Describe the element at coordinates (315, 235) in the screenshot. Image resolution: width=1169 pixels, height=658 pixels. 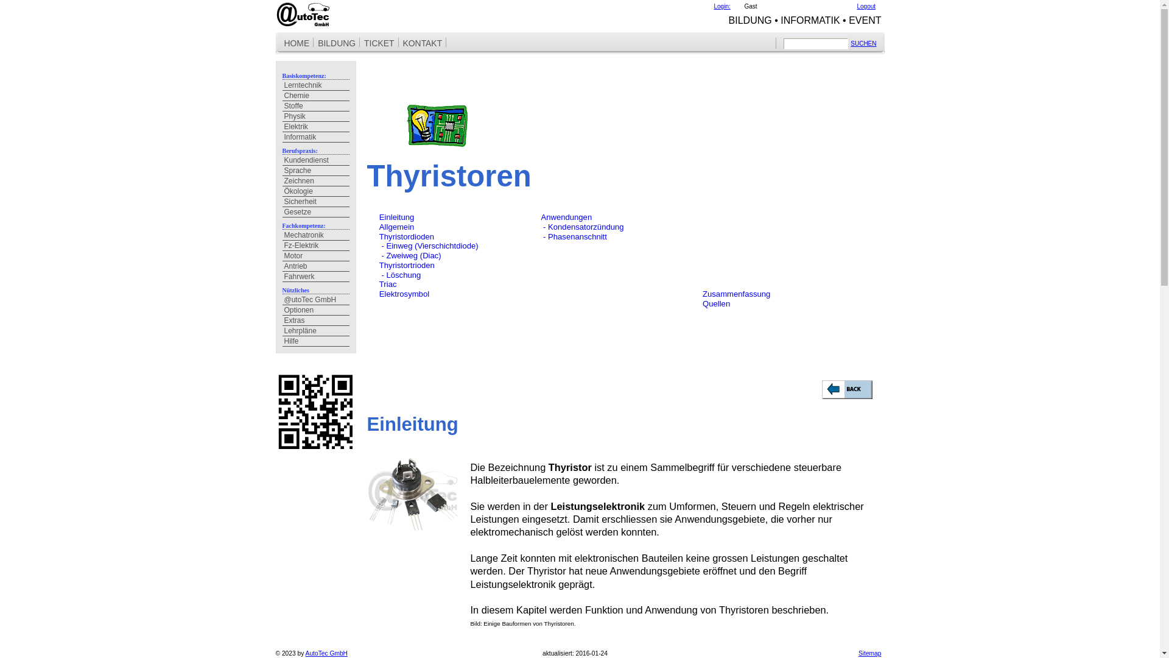
I see `'Mechatronik'` at that location.